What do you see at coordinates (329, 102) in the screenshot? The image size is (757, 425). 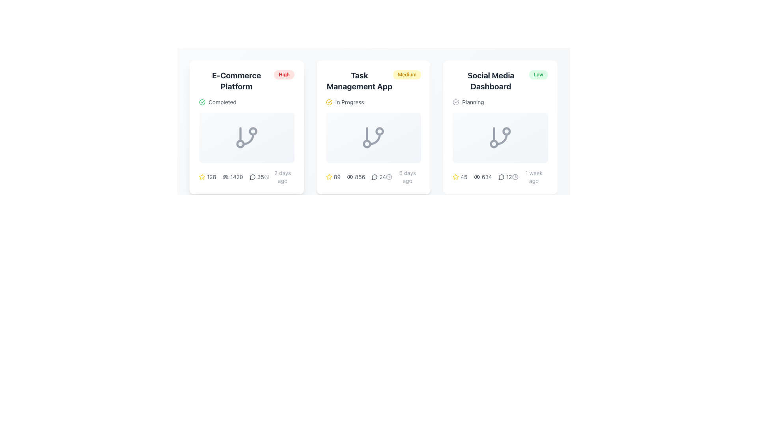 I see `the circular icon with a checkmark in the center, styled in yellow, located to the left of the 'In Progress' text` at bounding box center [329, 102].